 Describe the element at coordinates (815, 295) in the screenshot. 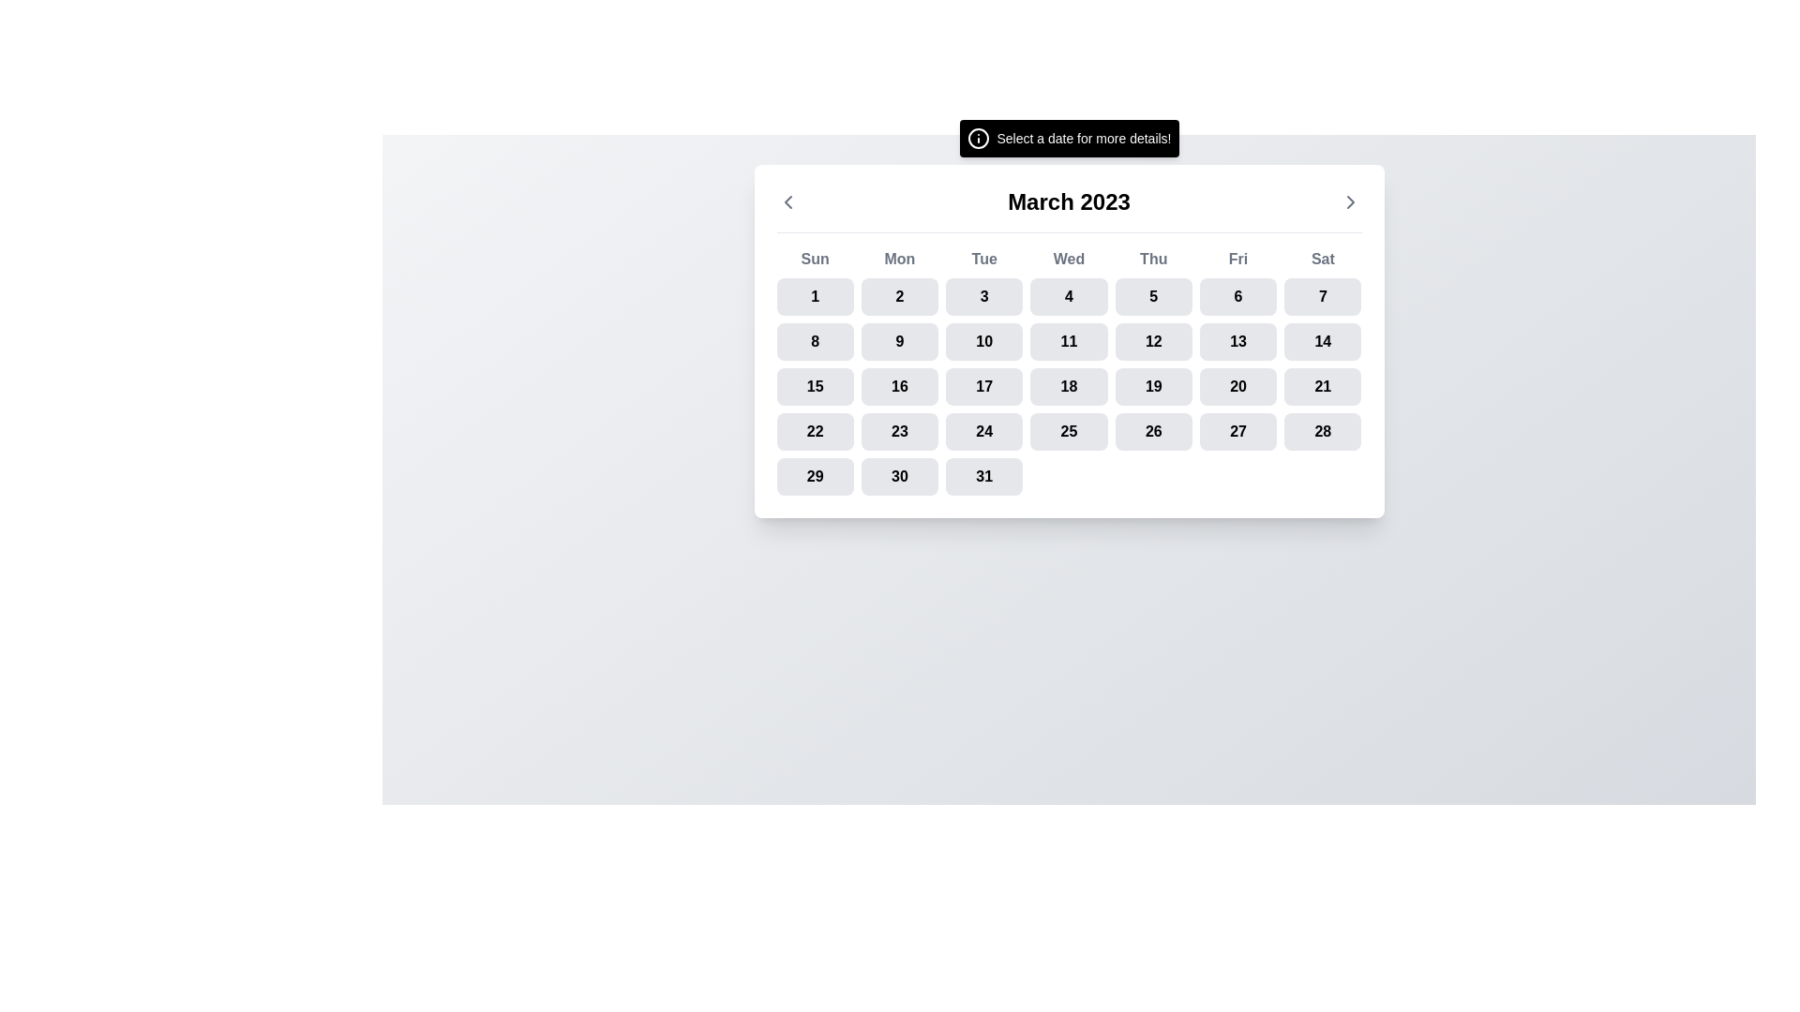

I see `the rounded rectangular button with a light gray background and a bold numeral '1' at its center, located in the calendar grid under the 'Sun' column to trigger a style change` at that location.